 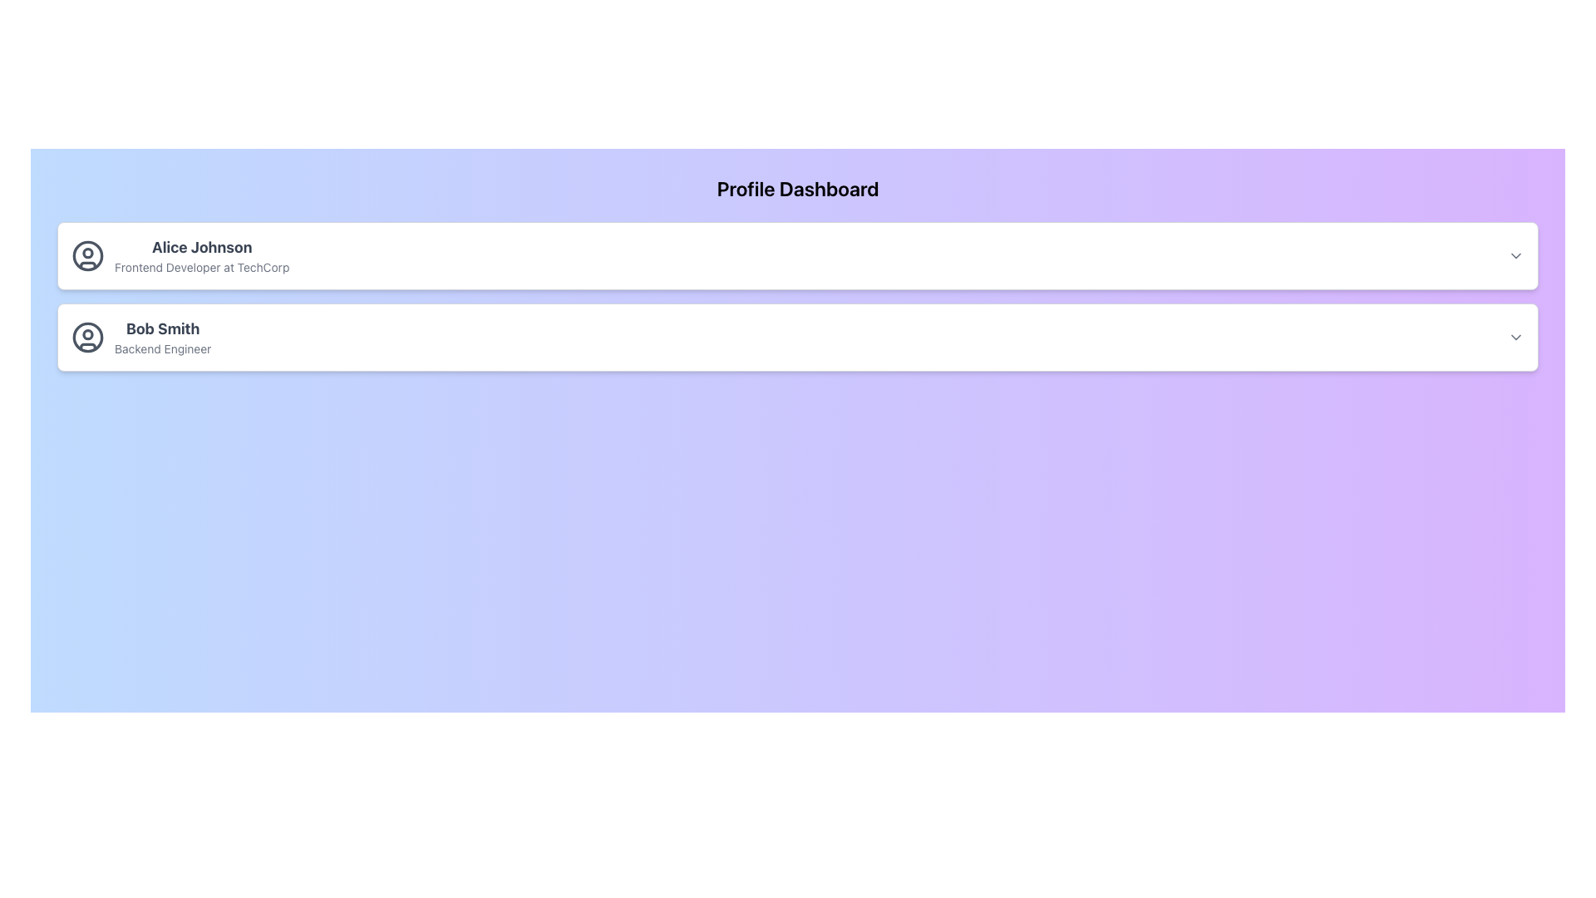 What do you see at coordinates (86, 253) in the screenshot?
I see `the small circle within the profile photo icon of 'Alice Johnson', located at the top center of the circular icon` at bounding box center [86, 253].